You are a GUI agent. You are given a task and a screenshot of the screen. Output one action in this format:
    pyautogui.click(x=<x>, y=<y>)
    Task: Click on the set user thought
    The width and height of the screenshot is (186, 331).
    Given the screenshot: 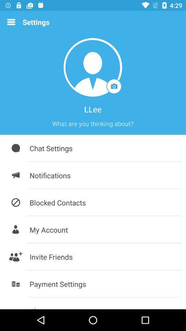 What is the action you would take?
    pyautogui.click(x=93, y=123)
    